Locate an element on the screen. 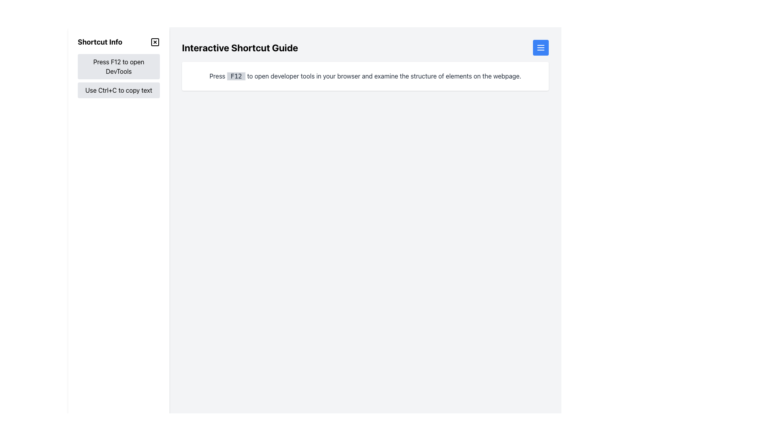 This screenshot has width=758, height=426. the menu toggle button located at the top-right corner of the 'Interactive Shortcut Guide' section is located at coordinates (540, 47).